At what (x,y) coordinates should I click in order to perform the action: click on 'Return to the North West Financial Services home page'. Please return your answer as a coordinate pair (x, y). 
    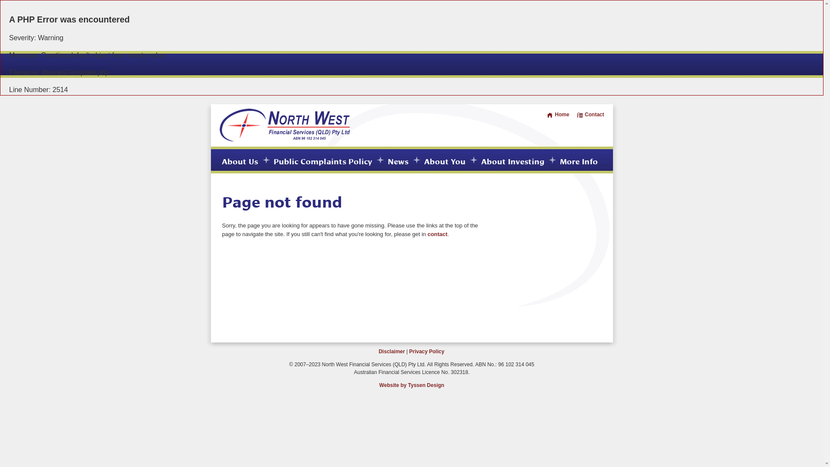
    Looking at the image, I should click on (284, 139).